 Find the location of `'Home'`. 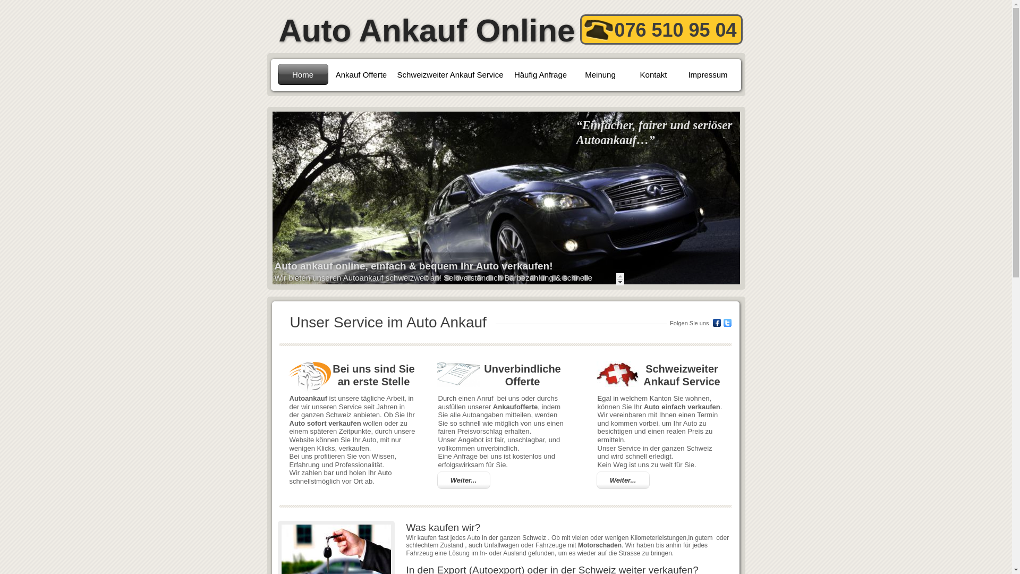

'Home' is located at coordinates (302, 73).